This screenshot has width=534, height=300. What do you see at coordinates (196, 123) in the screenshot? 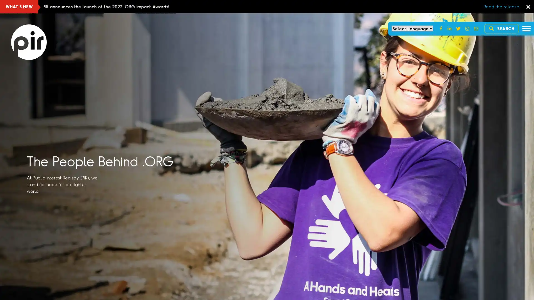
I see `Submit .ORG domain search` at bounding box center [196, 123].